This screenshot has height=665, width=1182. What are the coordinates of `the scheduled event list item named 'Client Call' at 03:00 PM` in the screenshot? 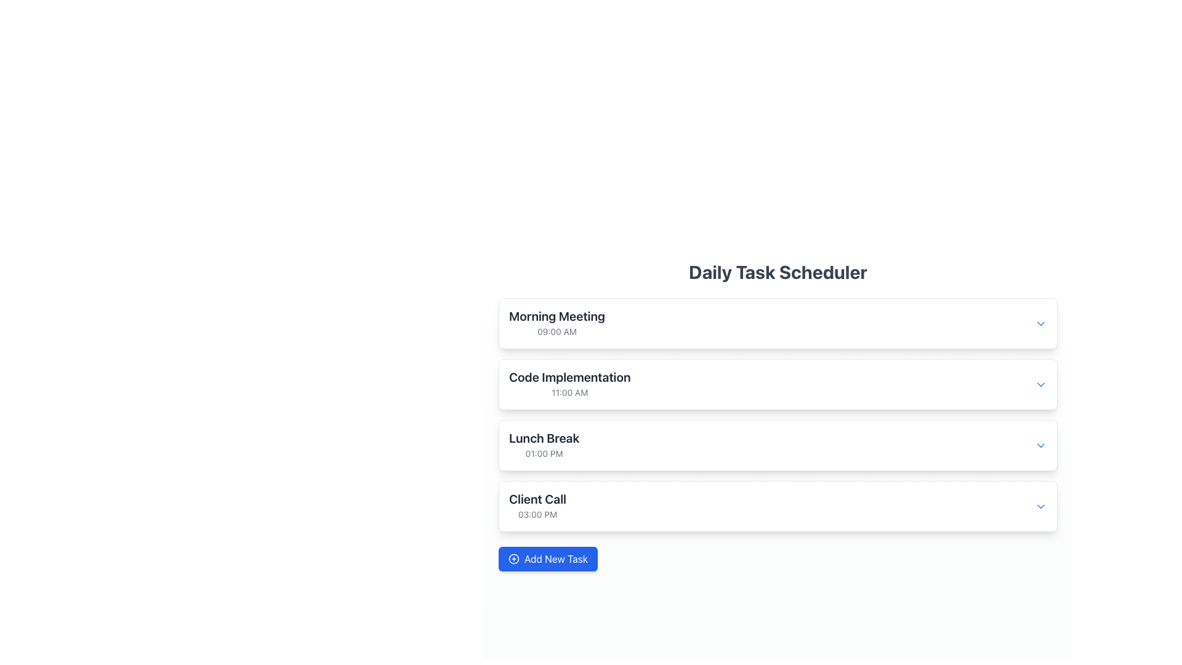 It's located at (537, 506).